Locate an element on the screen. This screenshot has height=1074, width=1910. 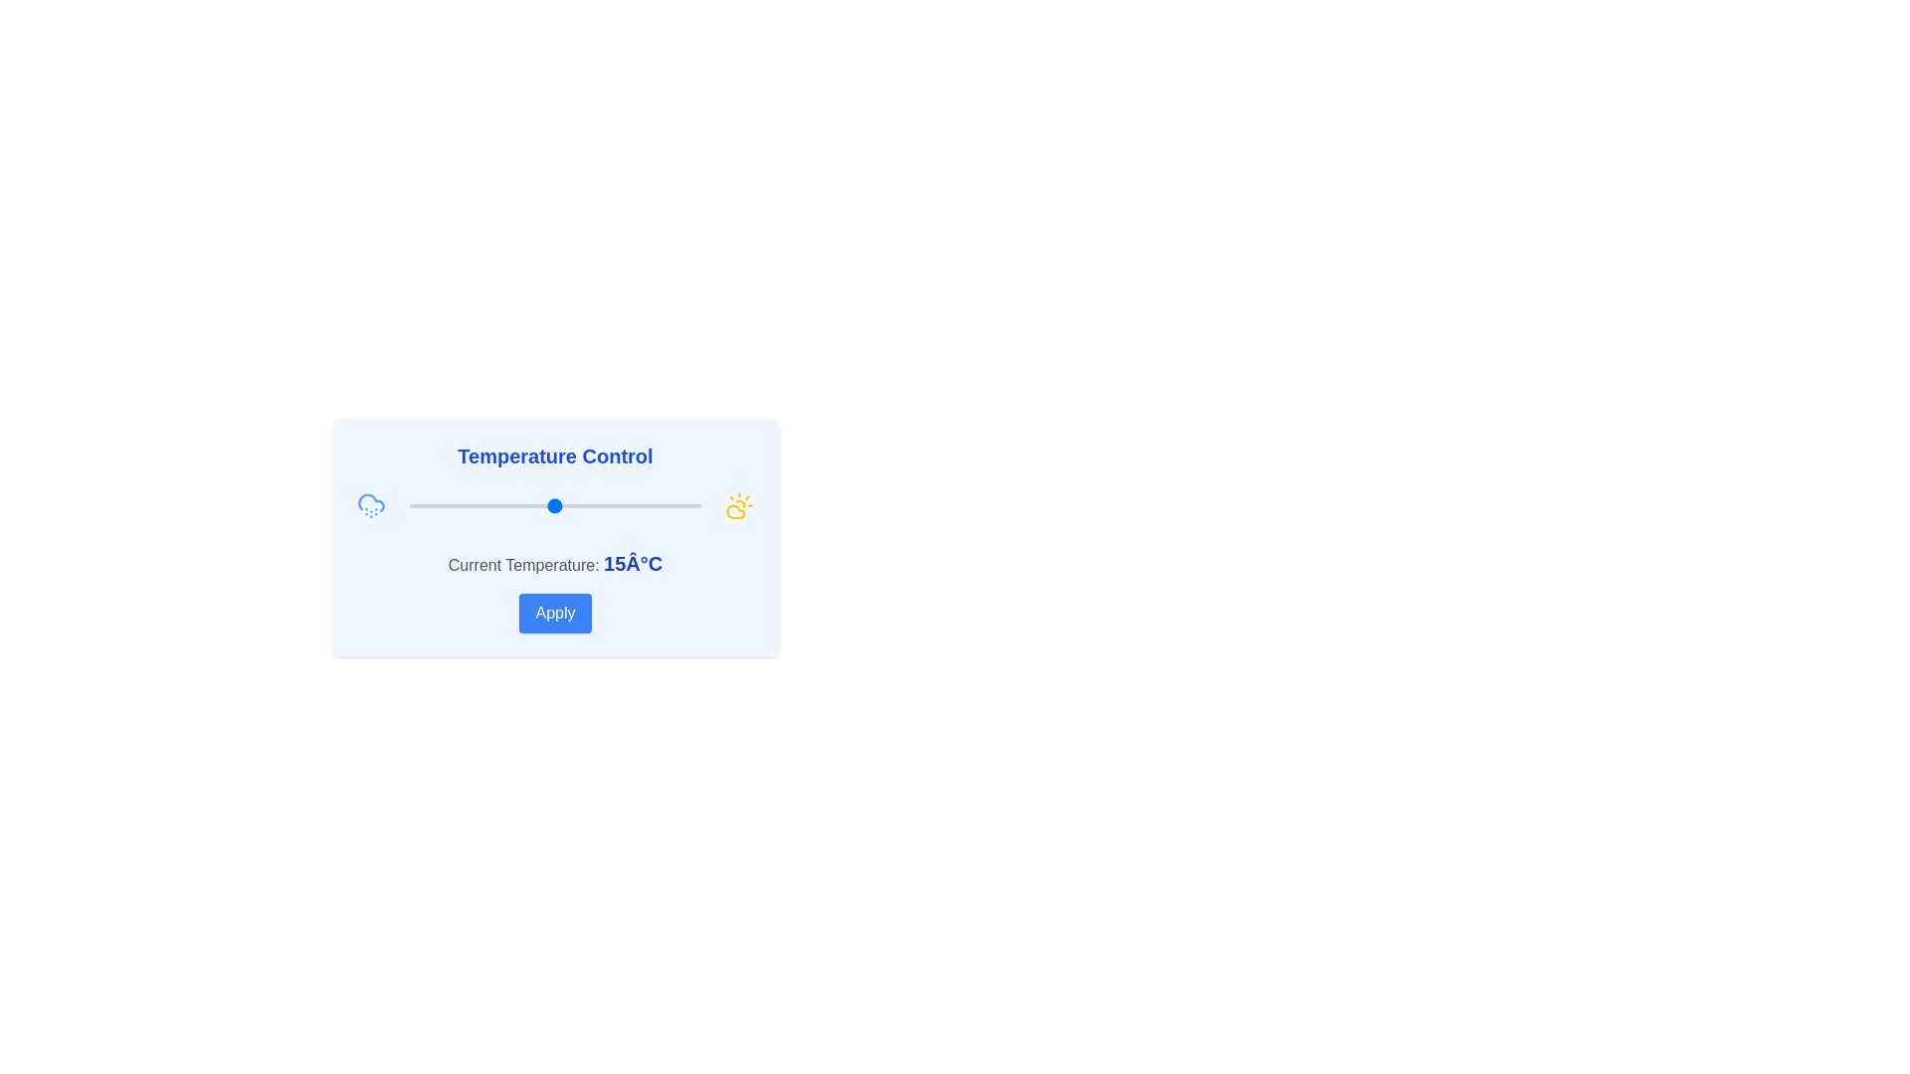
the temperature to 31°C using the slider is located at coordinates (649, 505).